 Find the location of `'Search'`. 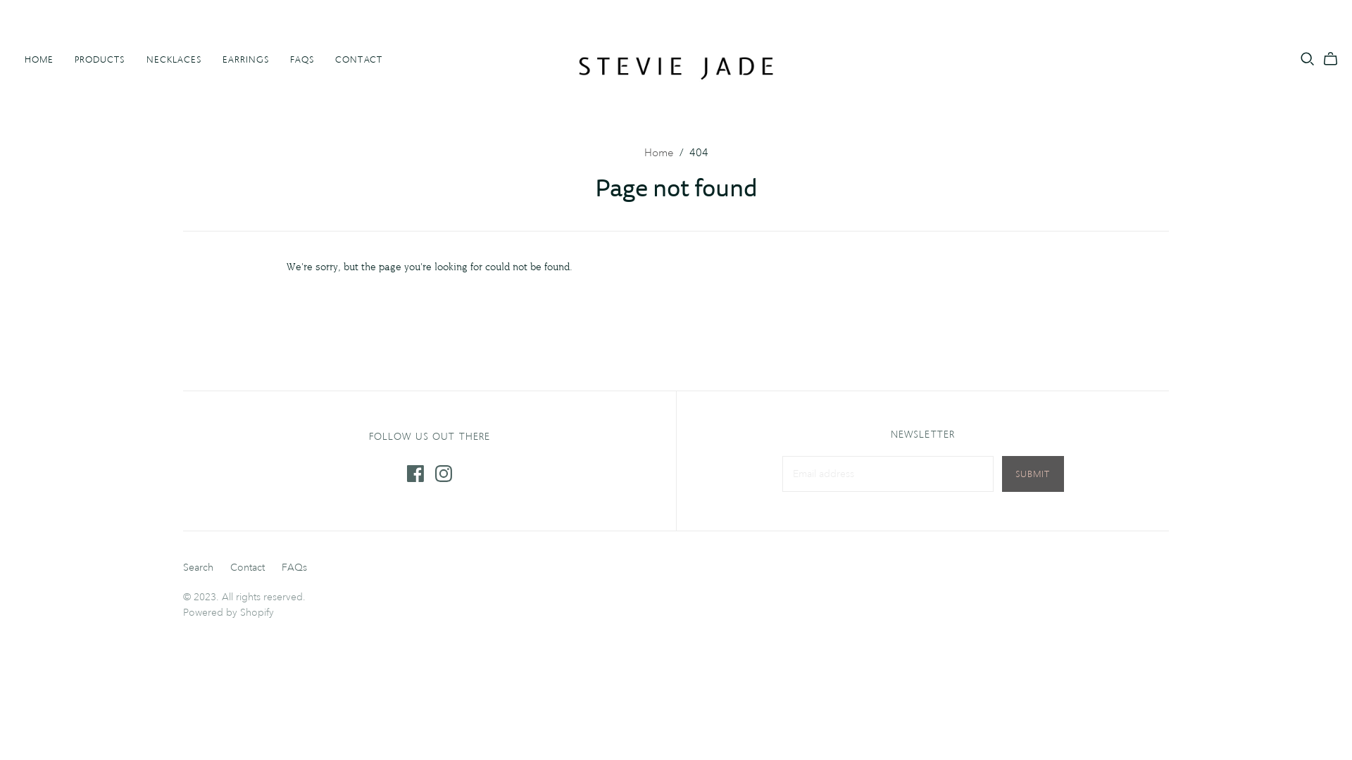

'Search' is located at coordinates (197, 566).